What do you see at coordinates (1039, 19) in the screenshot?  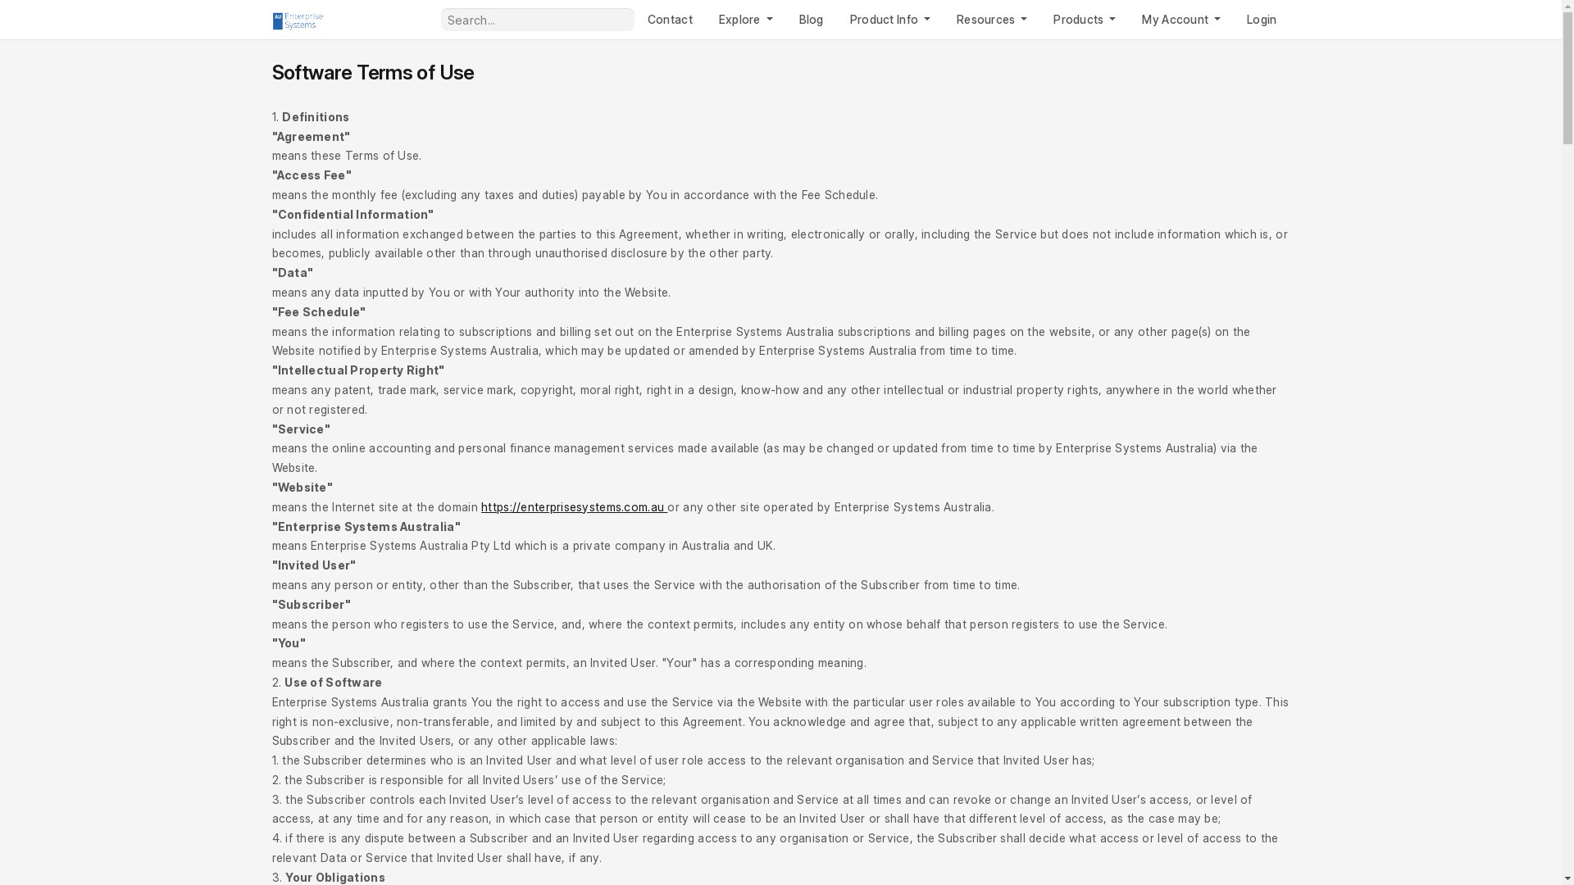 I see `'Products'` at bounding box center [1039, 19].